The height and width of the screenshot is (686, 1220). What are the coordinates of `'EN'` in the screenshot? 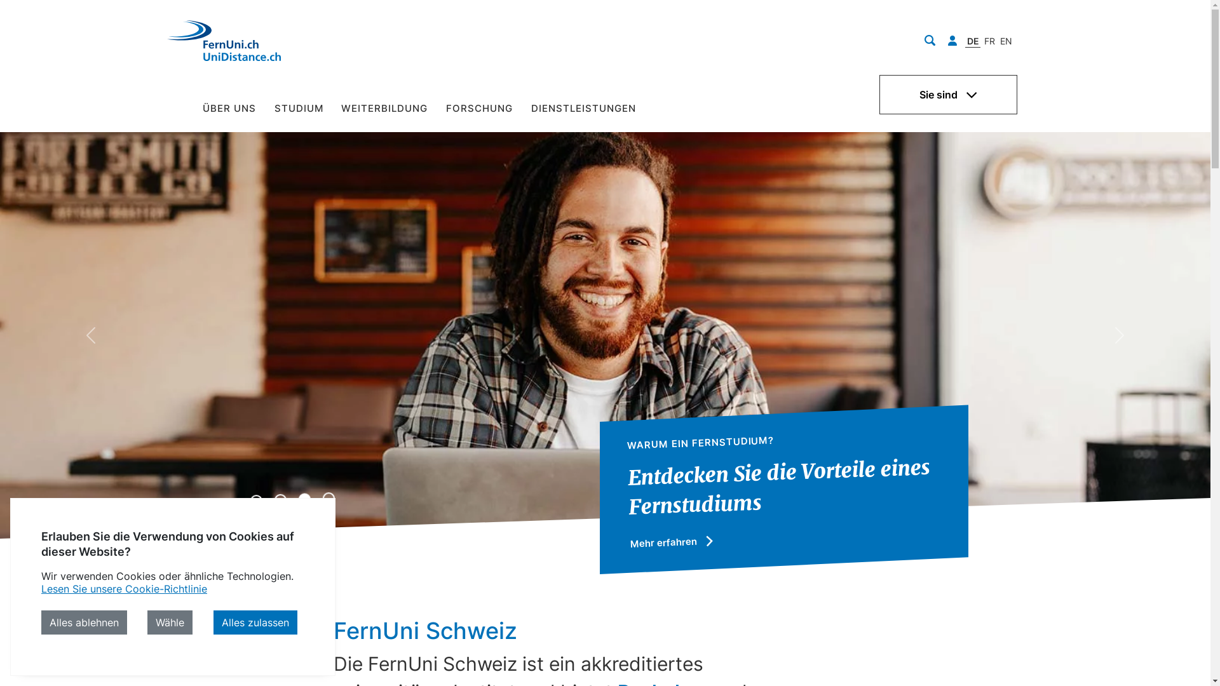 It's located at (1005, 40).